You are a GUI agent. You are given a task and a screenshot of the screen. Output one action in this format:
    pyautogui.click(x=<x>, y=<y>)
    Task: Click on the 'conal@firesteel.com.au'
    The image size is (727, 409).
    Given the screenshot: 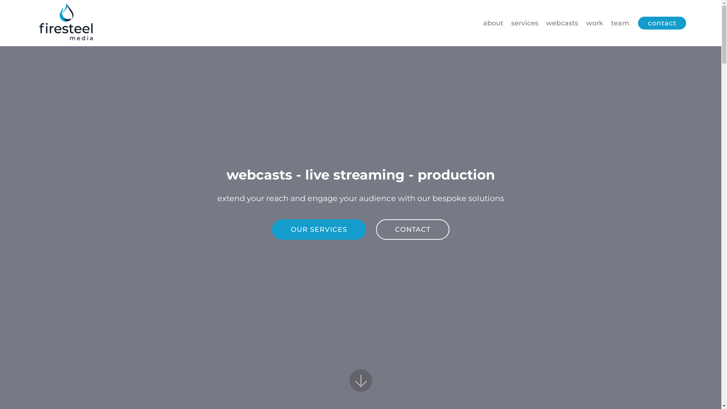 What is the action you would take?
    pyautogui.click(x=261, y=323)
    